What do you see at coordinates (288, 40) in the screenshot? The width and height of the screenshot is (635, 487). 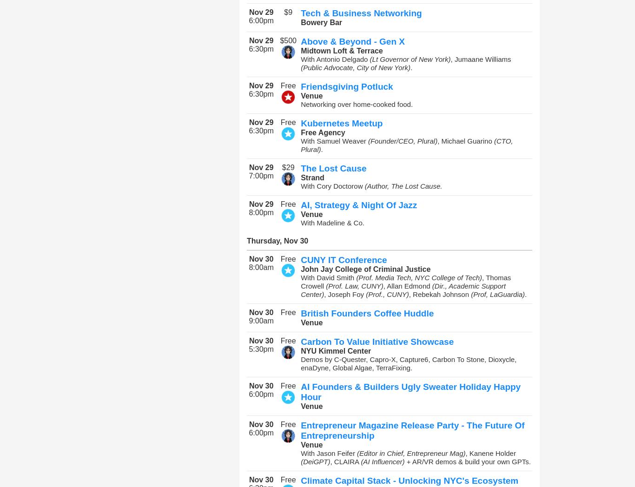 I see `'$500'` at bounding box center [288, 40].